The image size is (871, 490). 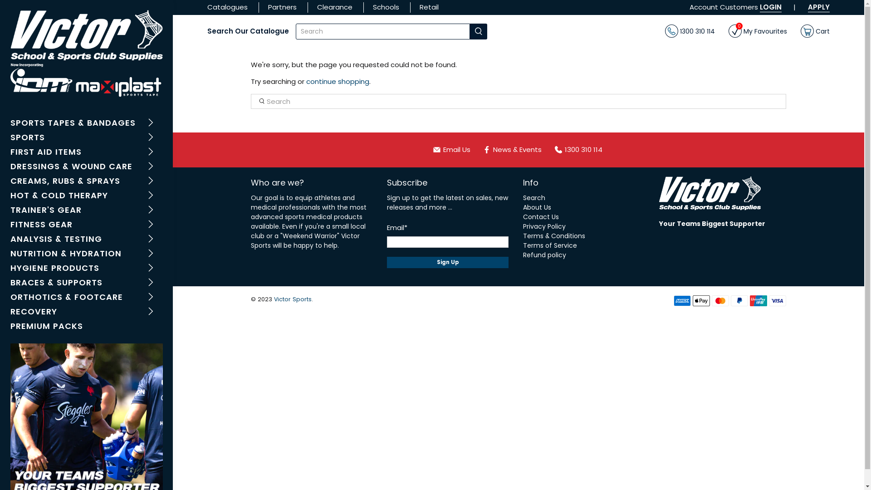 What do you see at coordinates (455, 150) in the screenshot?
I see `'Email Us'` at bounding box center [455, 150].